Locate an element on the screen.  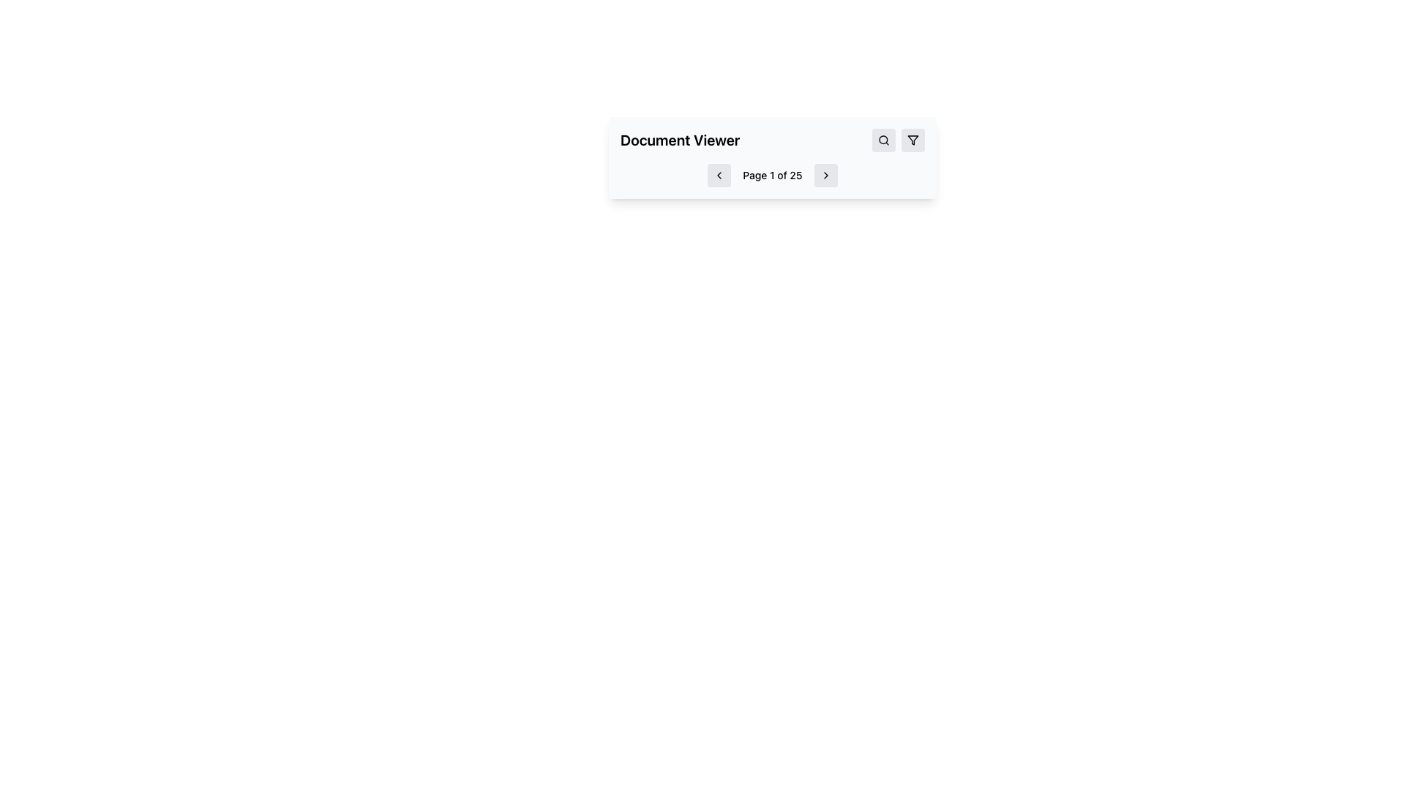
the circular gray button with a black magnifying glass icon, located to the right of the 'Document Viewer' label is located at coordinates (883, 140).